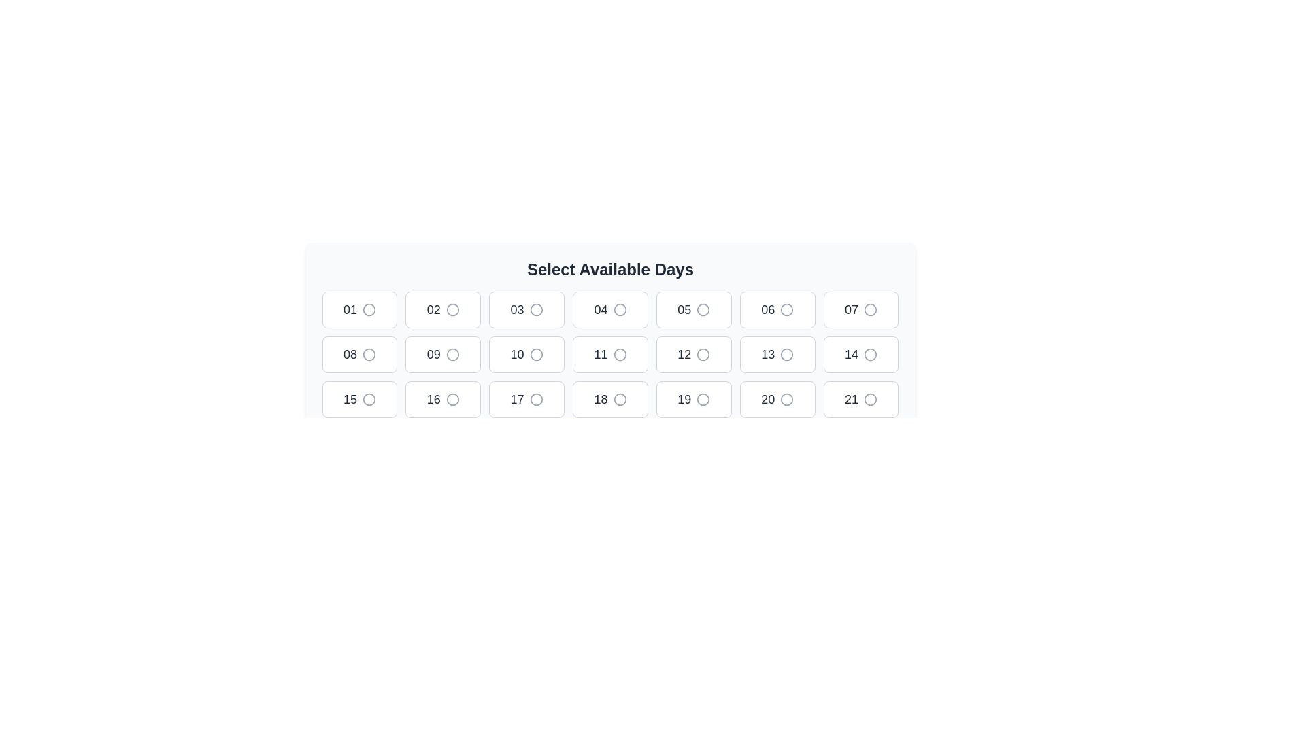 The image size is (1306, 734). Describe the element at coordinates (350, 398) in the screenshot. I see `the selectable static text element located in the third row, fifth column of the grid, which is inside a white rounded rectangle` at that location.